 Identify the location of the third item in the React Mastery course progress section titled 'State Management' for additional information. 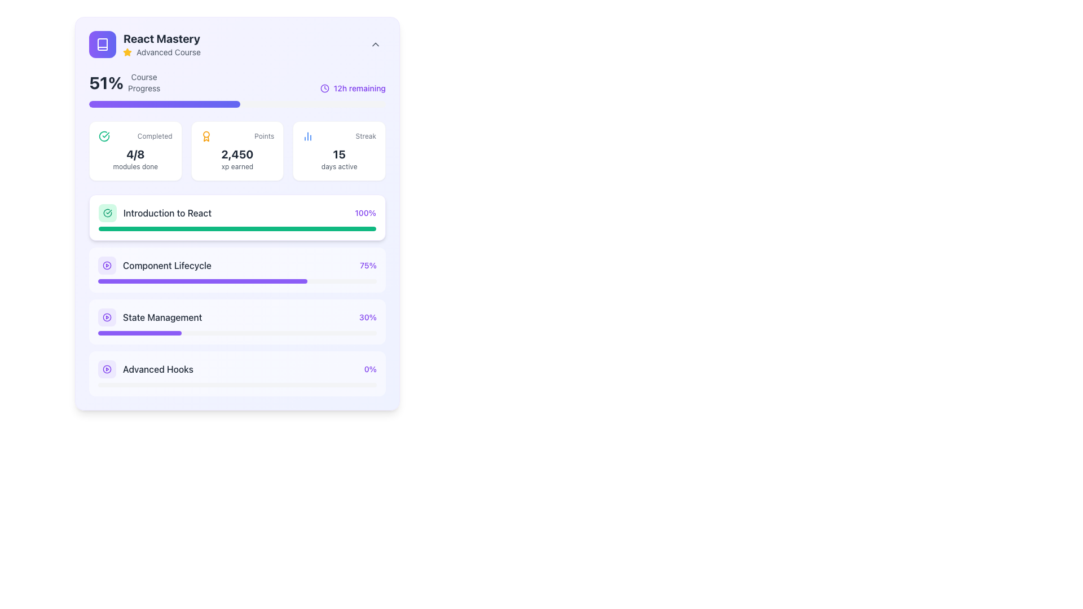
(149, 317).